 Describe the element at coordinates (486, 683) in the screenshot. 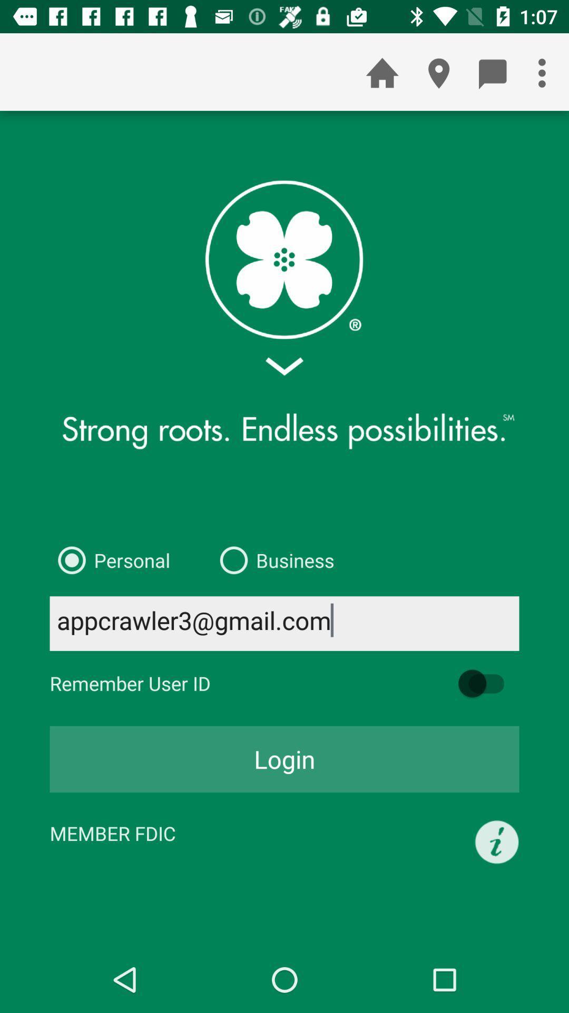

I see `the item next to the remember user id` at that location.